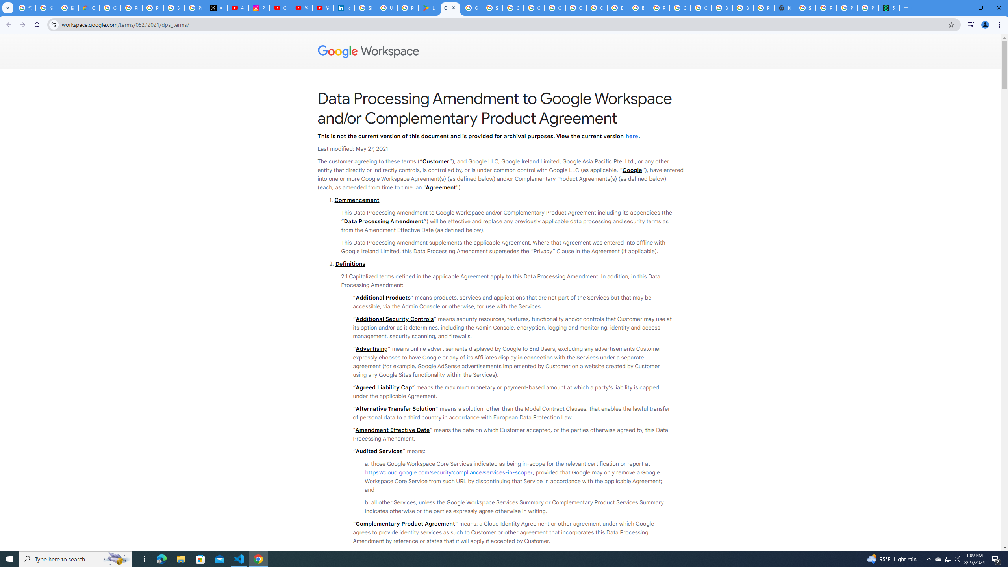  Describe the element at coordinates (453, 7) in the screenshot. I see `'Close'` at that location.